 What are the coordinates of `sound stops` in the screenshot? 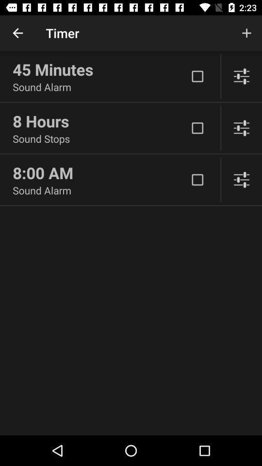 It's located at (99, 138).